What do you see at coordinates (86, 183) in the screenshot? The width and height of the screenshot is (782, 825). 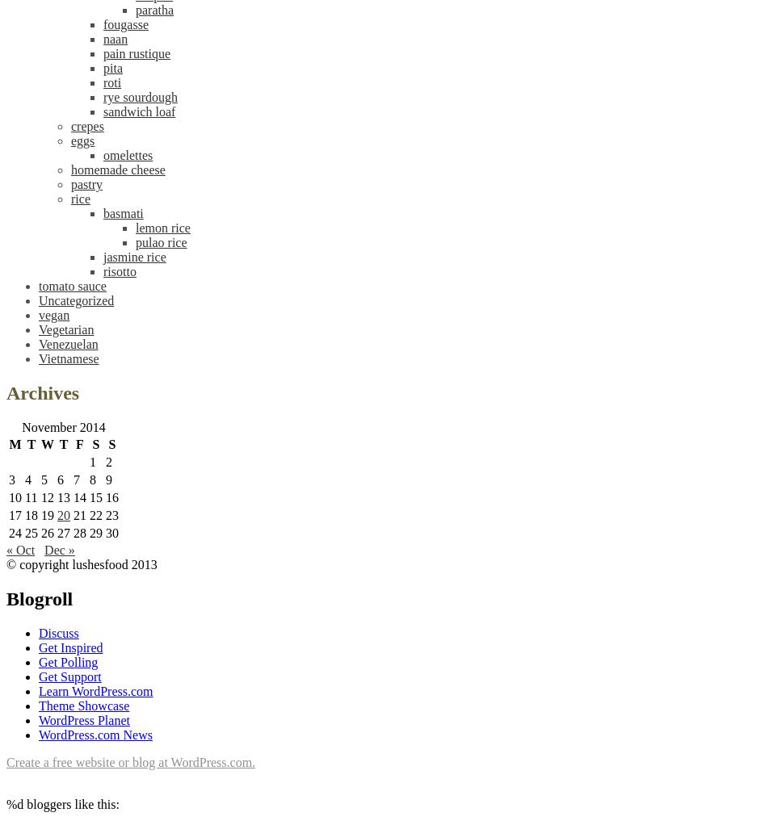 I see `'pastry'` at bounding box center [86, 183].